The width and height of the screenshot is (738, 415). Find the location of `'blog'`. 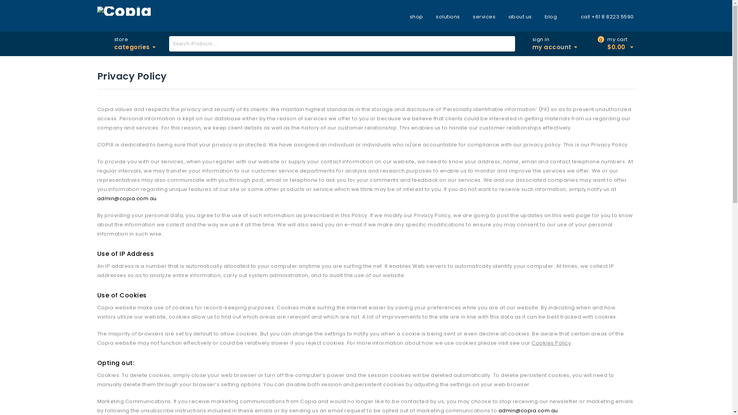

'blog' is located at coordinates (550, 16).